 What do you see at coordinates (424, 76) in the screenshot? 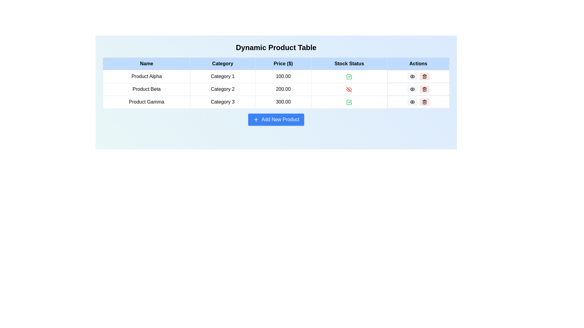
I see `the small, rectangular delete button with a trash icon located on the right side of the actions column in the second row of the dynamic product table` at bounding box center [424, 76].